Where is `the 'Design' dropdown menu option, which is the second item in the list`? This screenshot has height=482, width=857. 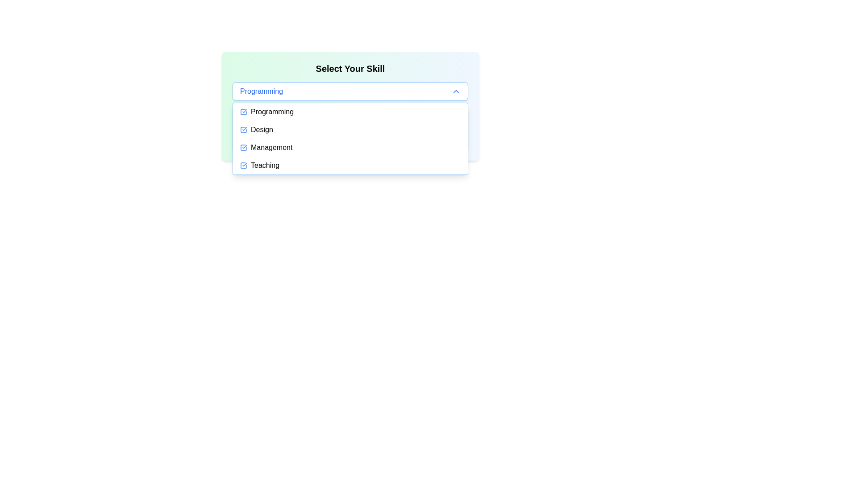
the 'Design' dropdown menu option, which is the second item in the list is located at coordinates (350, 129).